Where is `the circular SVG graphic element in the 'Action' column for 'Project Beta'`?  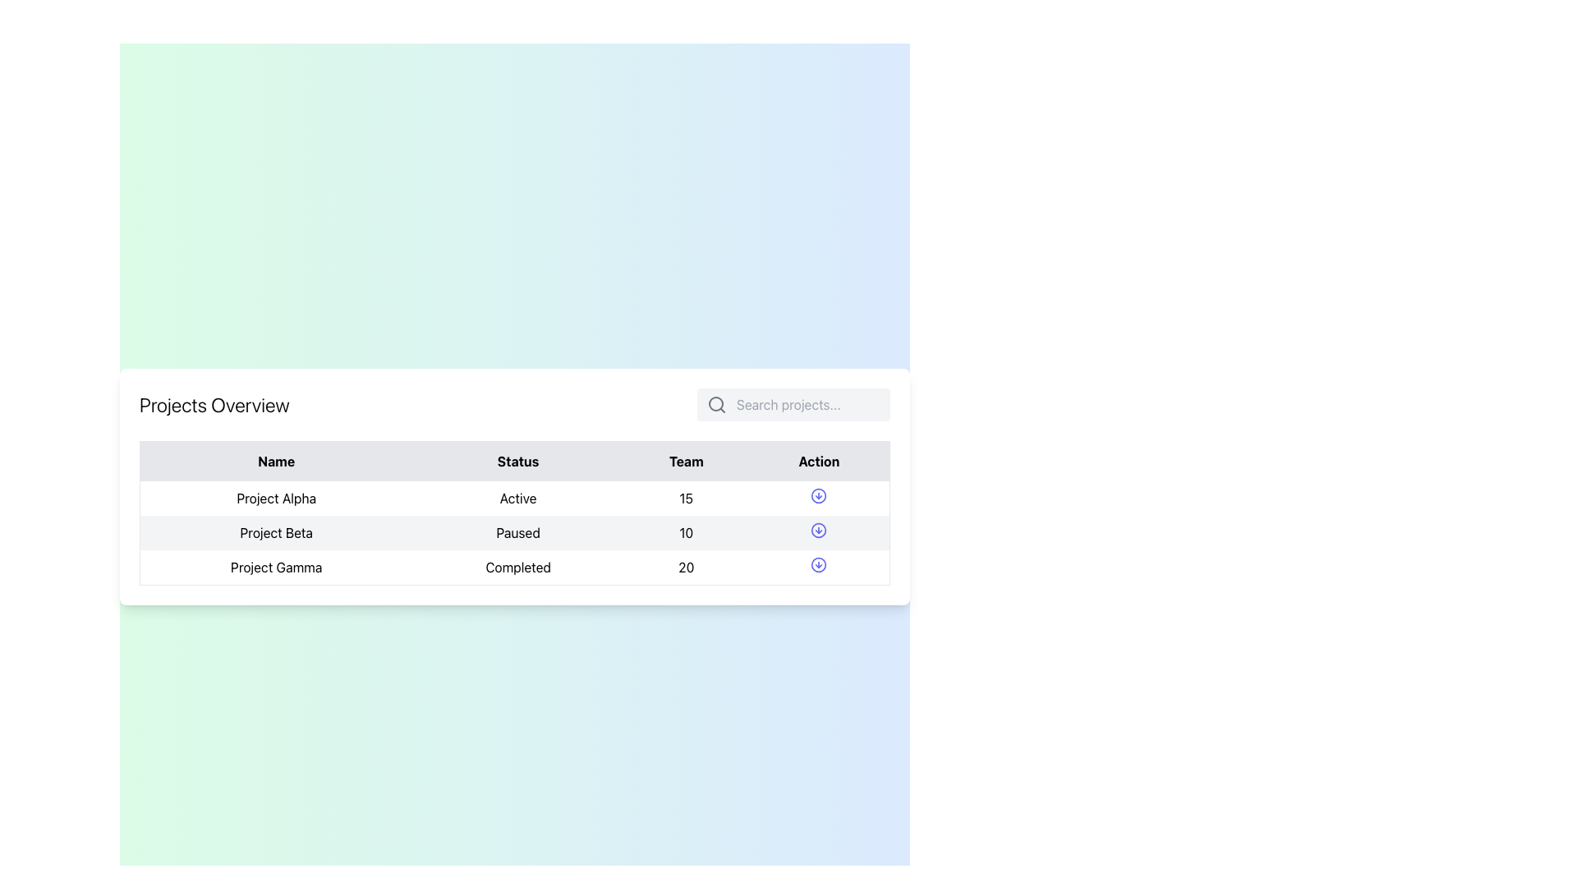 the circular SVG graphic element in the 'Action' column for 'Project Beta' is located at coordinates (819, 530).